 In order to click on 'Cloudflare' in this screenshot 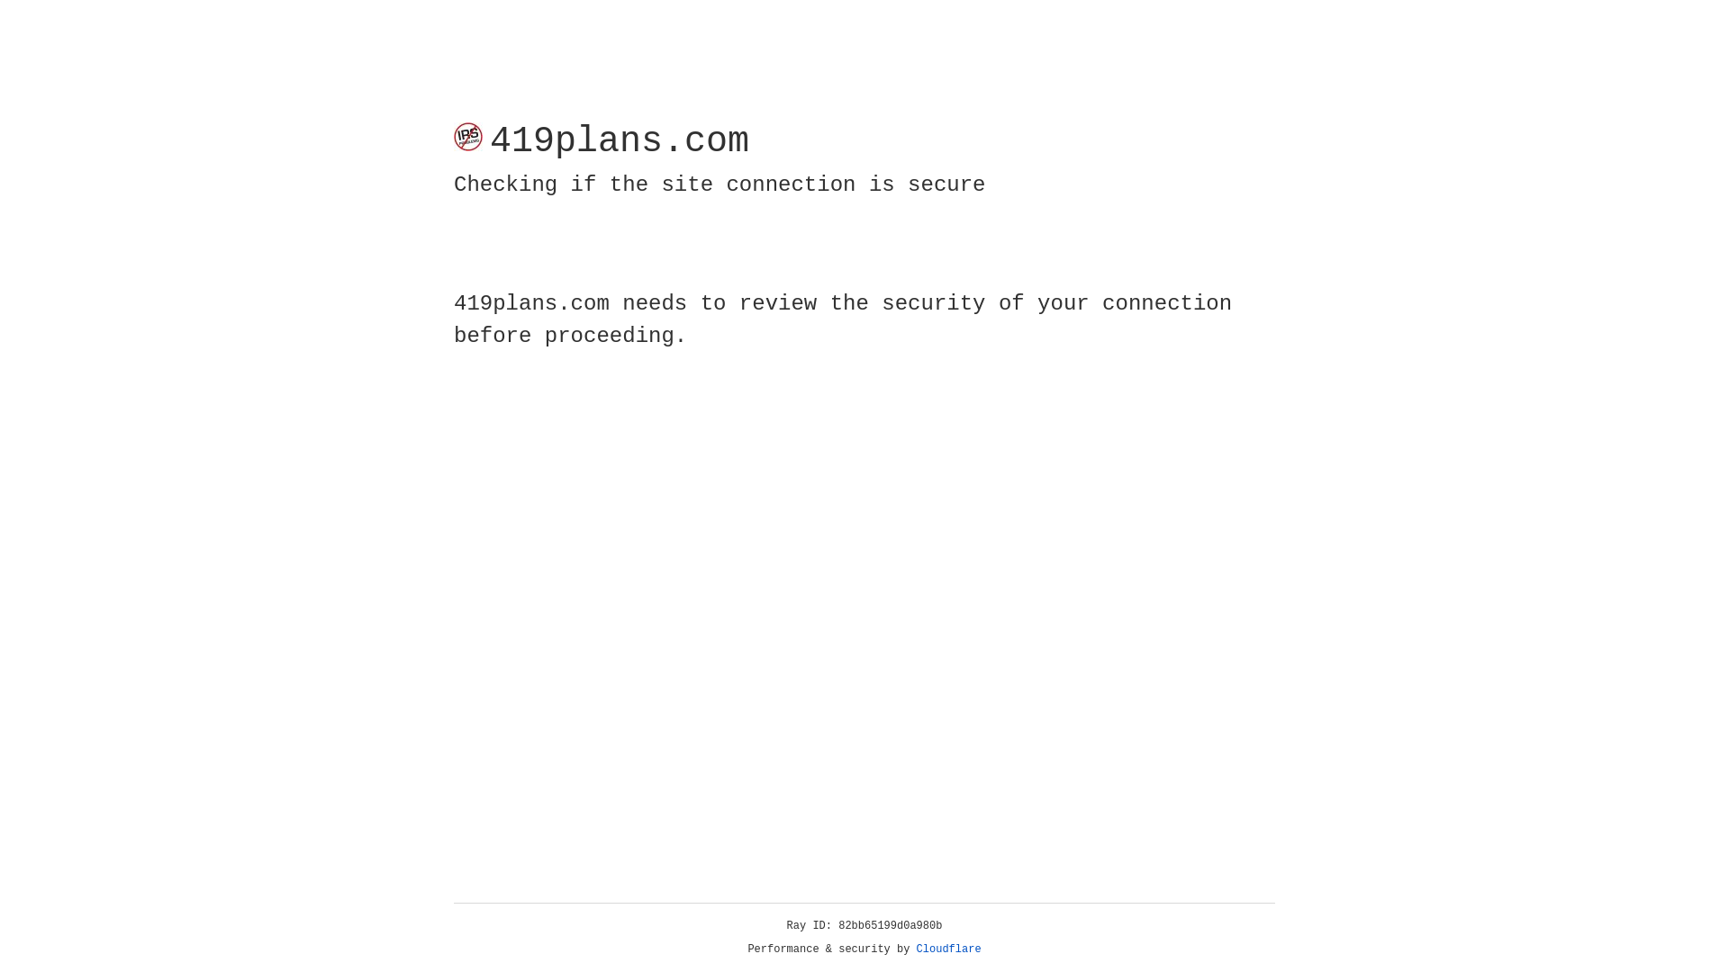, I will do `click(948, 949)`.